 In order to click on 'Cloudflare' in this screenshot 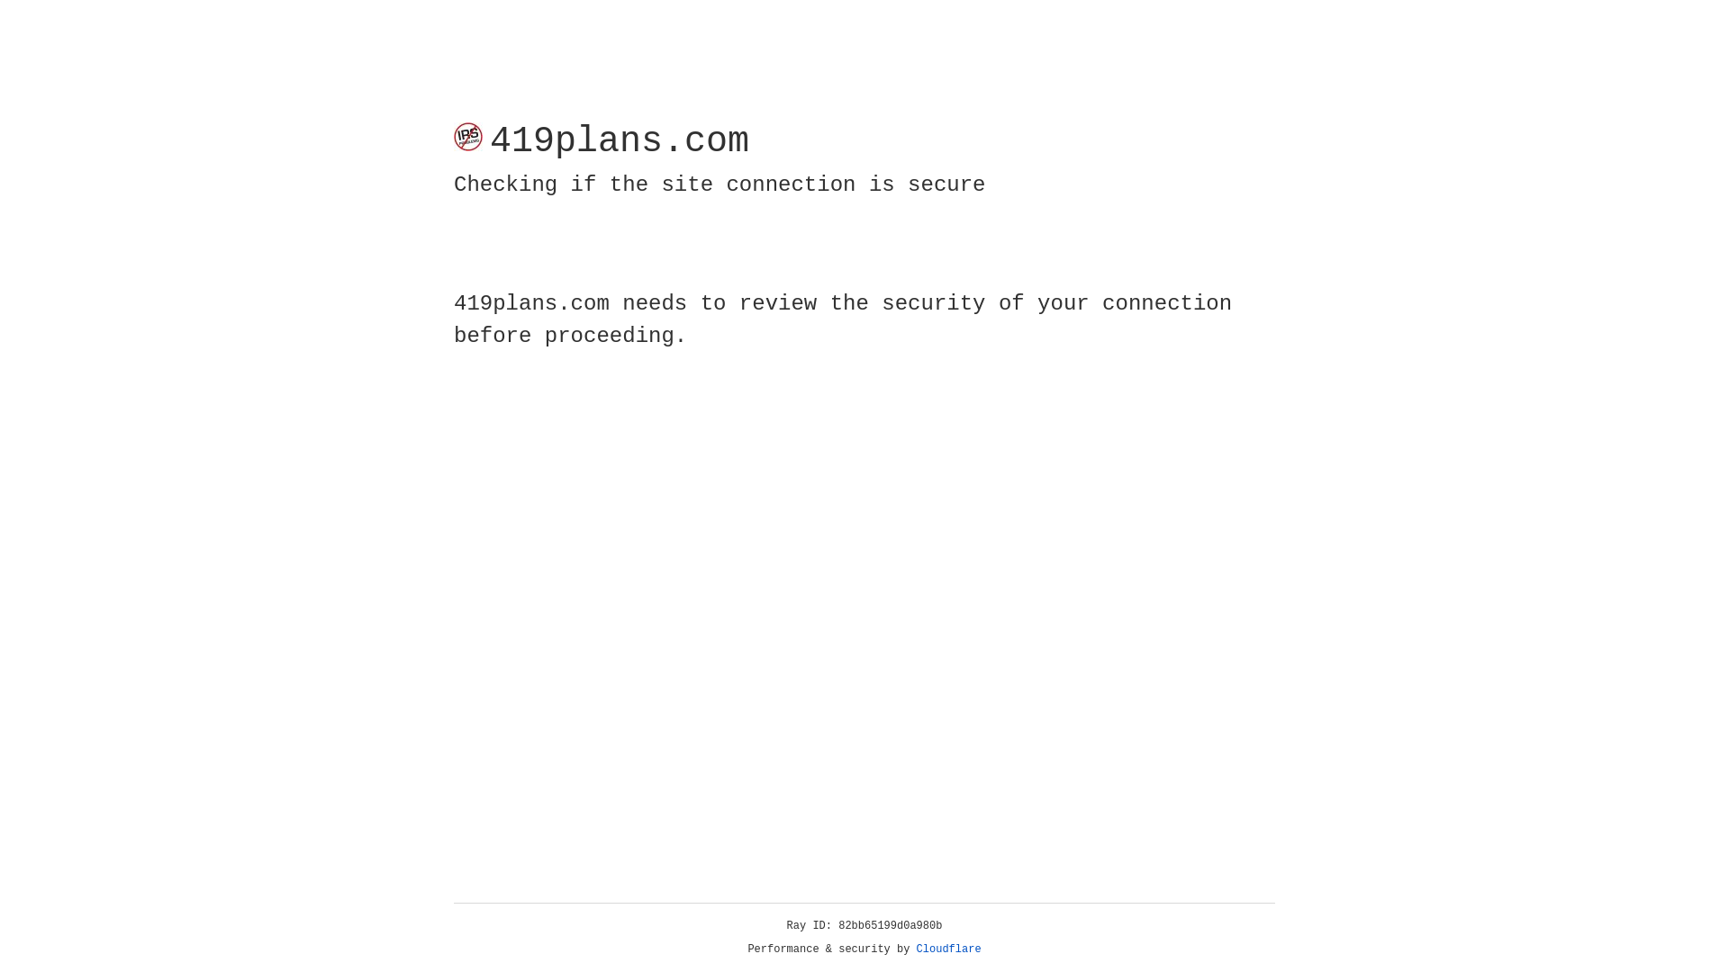, I will do `click(948, 949)`.